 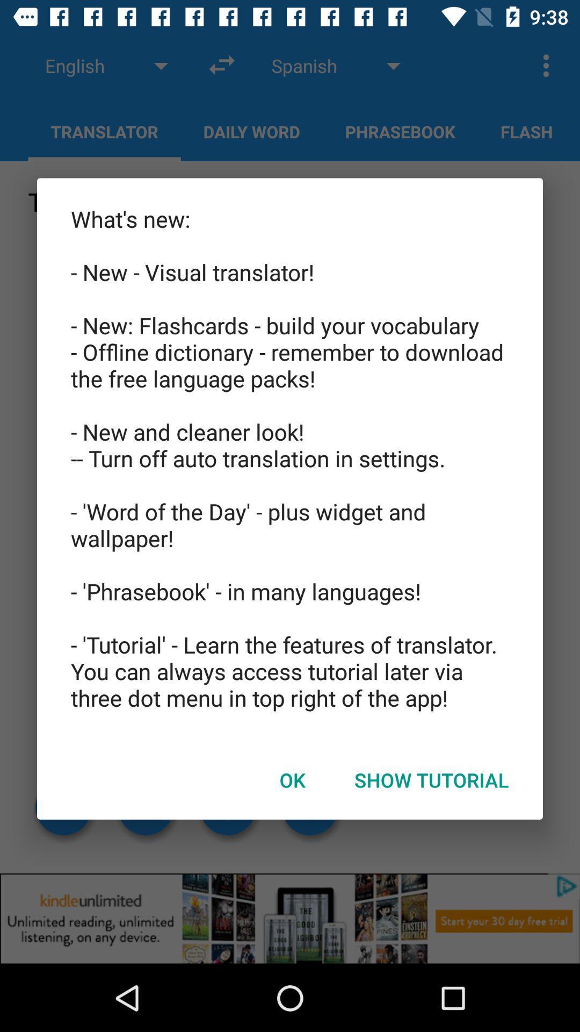 What do you see at coordinates (431, 780) in the screenshot?
I see `the icon below what s new item` at bounding box center [431, 780].